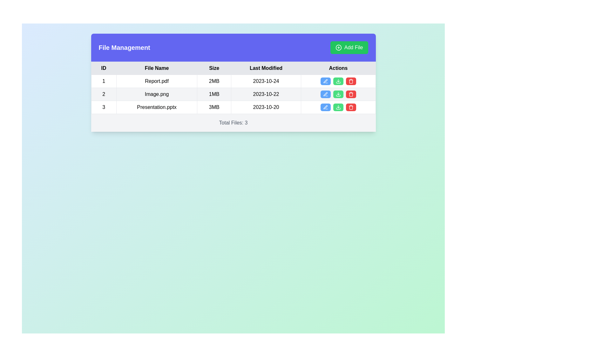 This screenshot has width=610, height=343. What do you see at coordinates (214, 94) in the screenshot?
I see `the text element displaying '1MB' located in the 'Size' column of the table under the file 'Image.png'` at bounding box center [214, 94].